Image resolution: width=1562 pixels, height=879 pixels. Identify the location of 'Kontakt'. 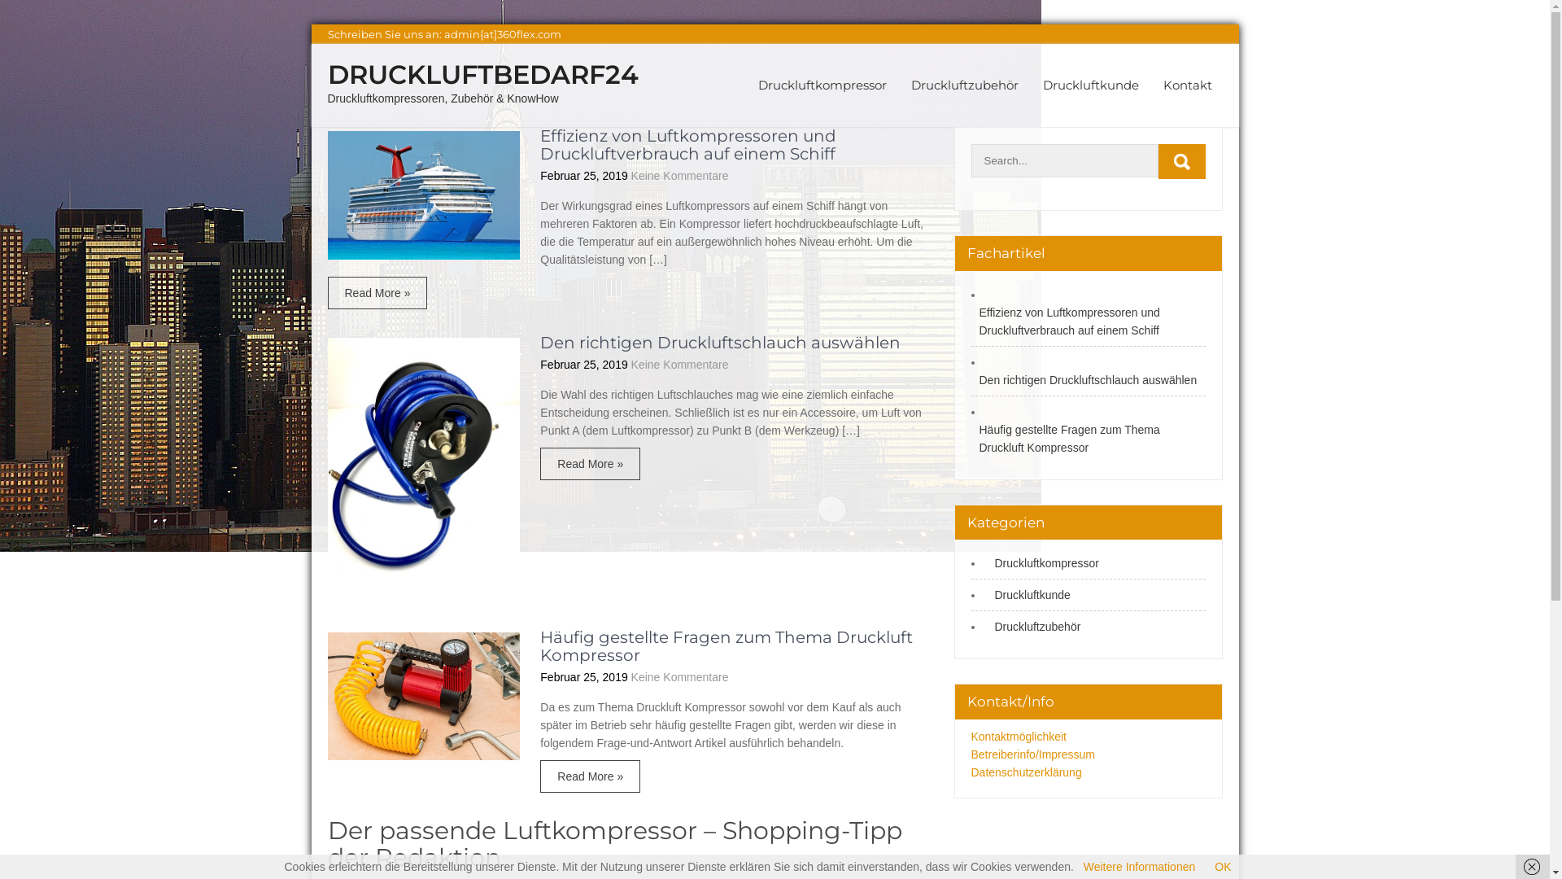
(1187, 85).